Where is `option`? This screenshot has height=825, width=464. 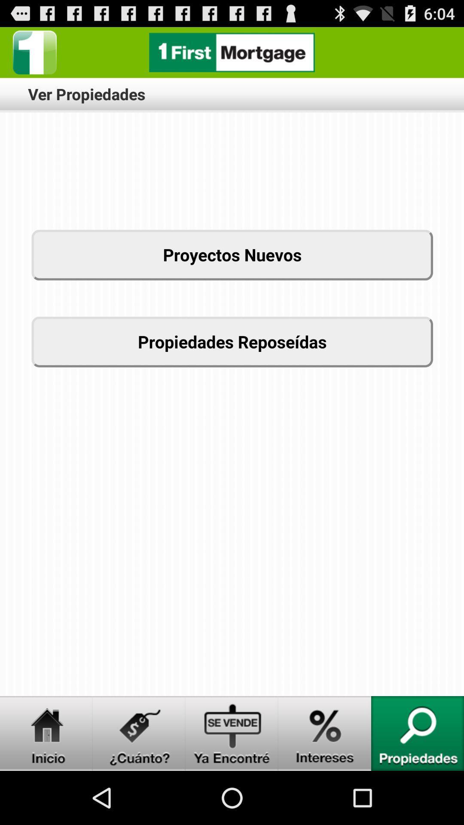 option is located at coordinates (34, 52).